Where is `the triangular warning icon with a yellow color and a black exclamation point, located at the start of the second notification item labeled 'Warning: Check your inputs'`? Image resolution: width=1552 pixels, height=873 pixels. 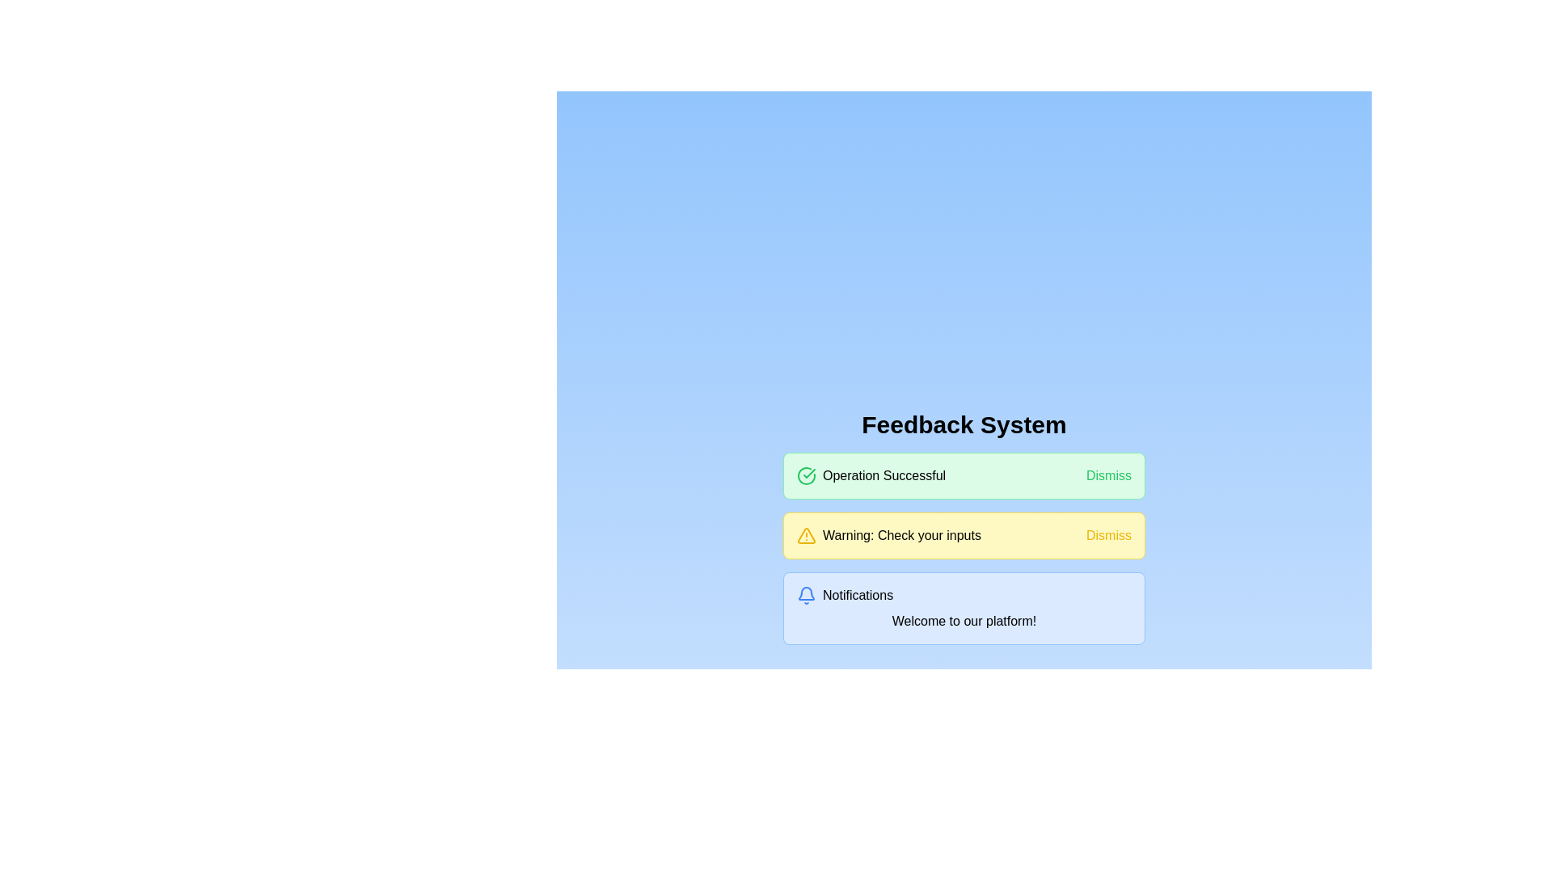 the triangular warning icon with a yellow color and a black exclamation point, located at the start of the second notification item labeled 'Warning: Check your inputs' is located at coordinates (807, 536).